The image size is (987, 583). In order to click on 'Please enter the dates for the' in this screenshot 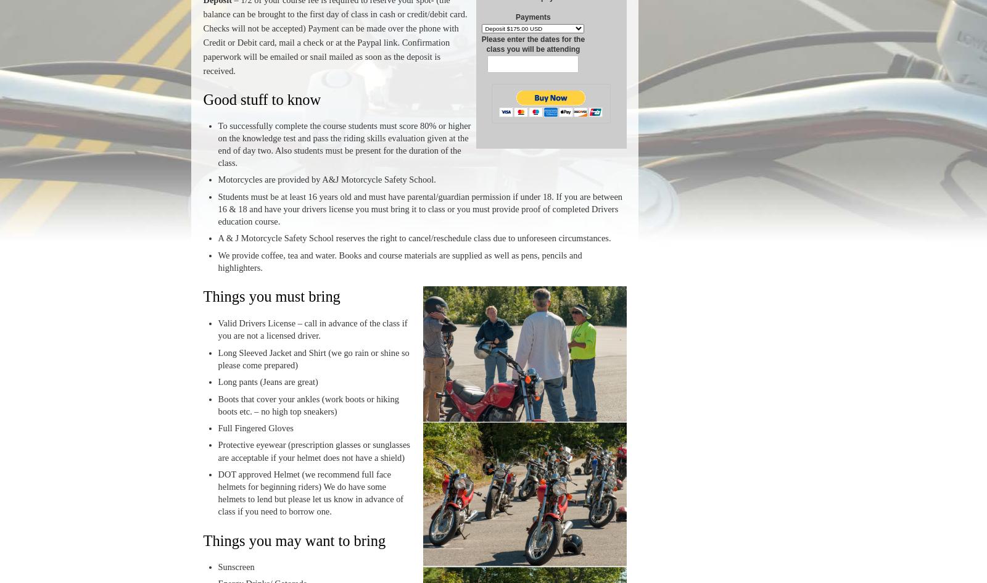, I will do `click(532, 39)`.